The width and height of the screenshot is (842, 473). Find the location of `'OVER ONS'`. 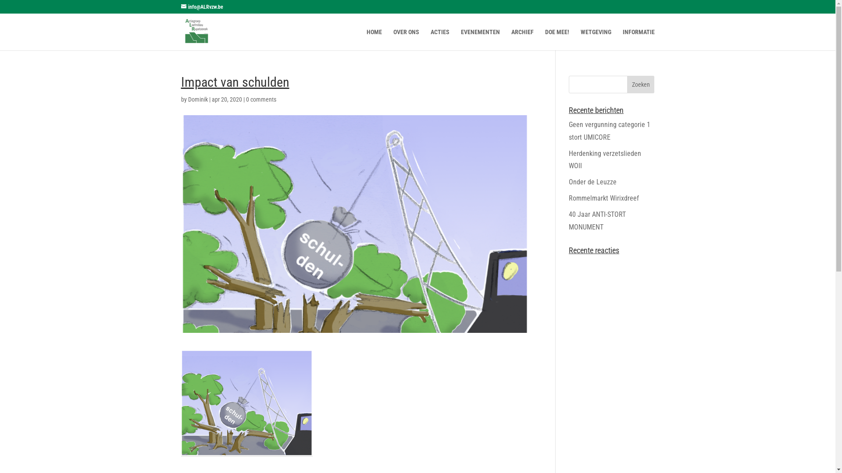

'OVER ONS' is located at coordinates (405, 39).